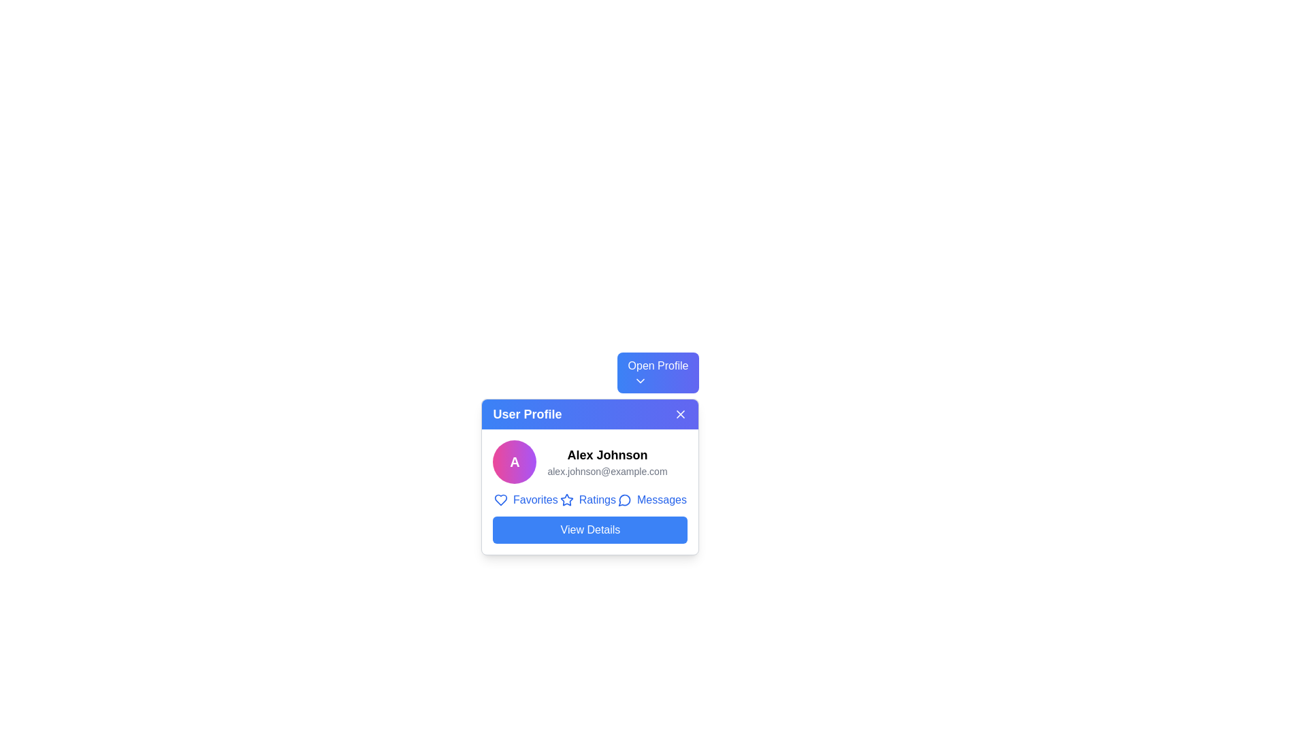 Image resolution: width=1307 pixels, height=735 pixels. What do you see at coordinates (597, 500) in the screenshot?
I see `the 'Ratings' text label located in the footer section of the 'User Profile' card` at bounding box center [597, 500].